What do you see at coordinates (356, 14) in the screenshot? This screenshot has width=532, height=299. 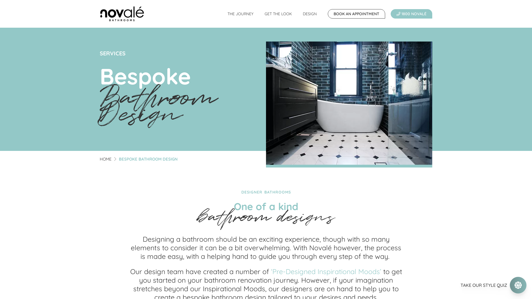 I see `'BOOK AN APPOINTMENT'` at bounding box center [356, 14].